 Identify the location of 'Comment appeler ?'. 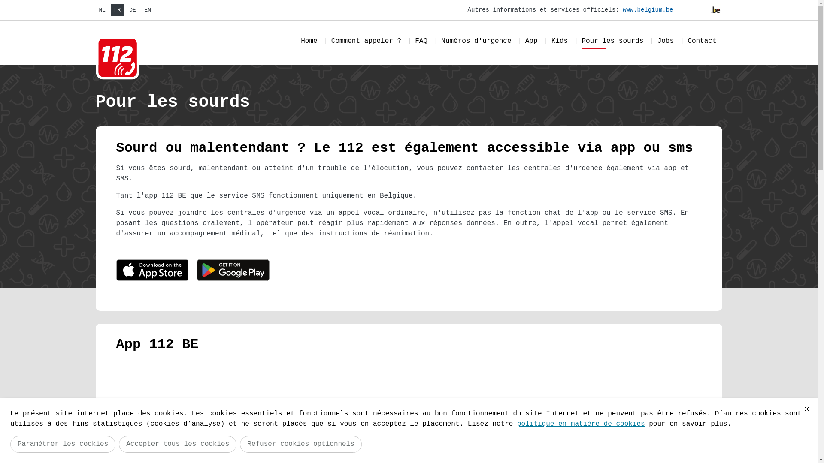
(366, 42).